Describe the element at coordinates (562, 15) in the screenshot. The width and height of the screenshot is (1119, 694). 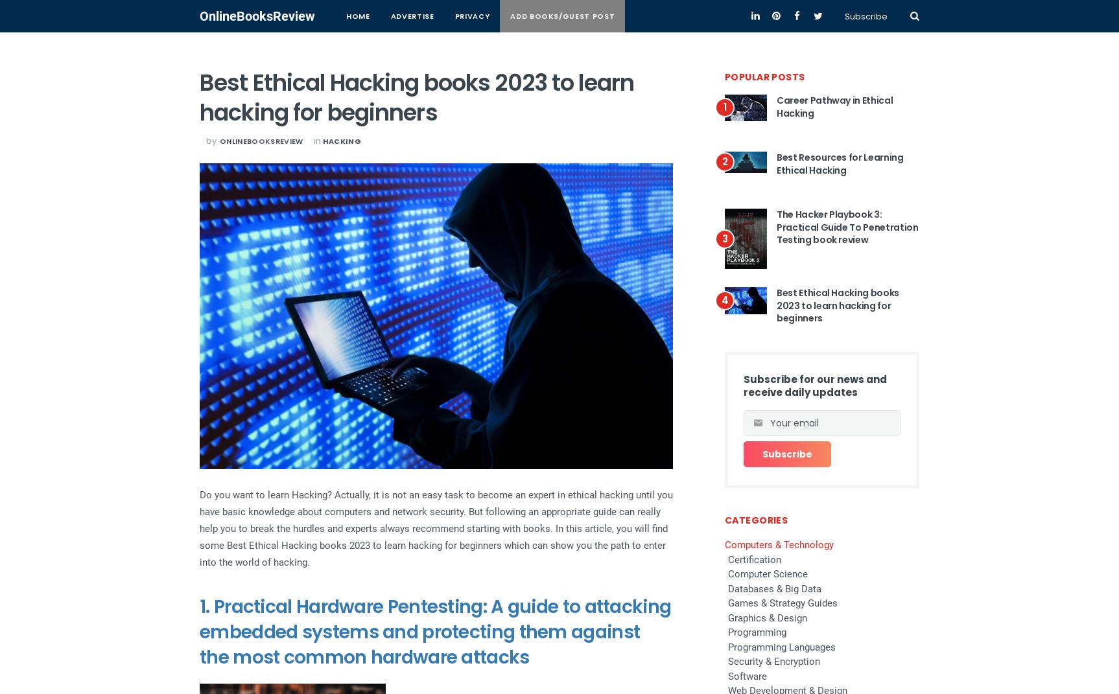
I see `'Add books/Guest Post'` at that location.